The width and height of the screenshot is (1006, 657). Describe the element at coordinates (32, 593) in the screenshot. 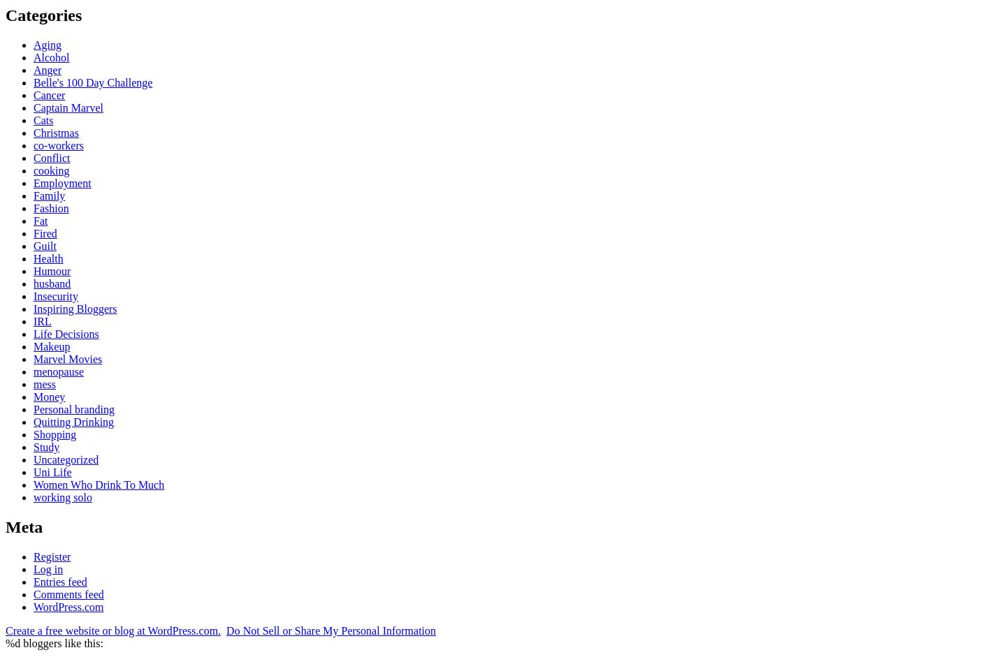

I see `'Comments feed'` at that location.